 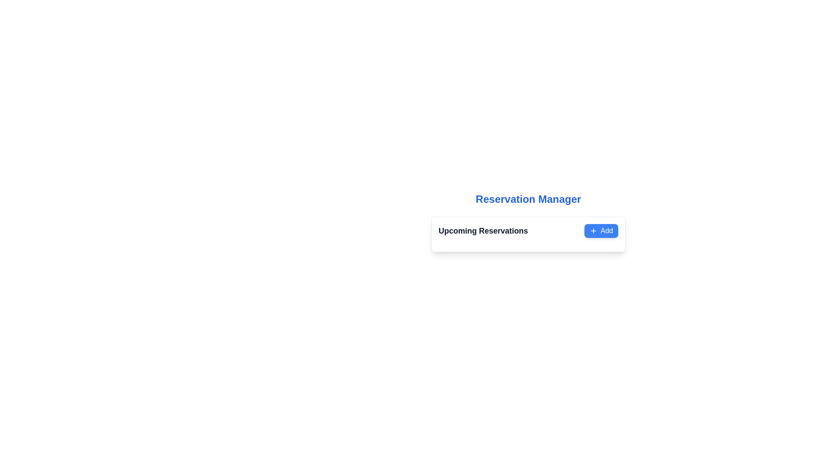 What do you see at coordinates (600, 230) in the screenshot?
I see `the blue 'Add' button with rounded corners located in the 'Upcoming Reservations' section to observe any hover effects` at bounding box center [600, 230].